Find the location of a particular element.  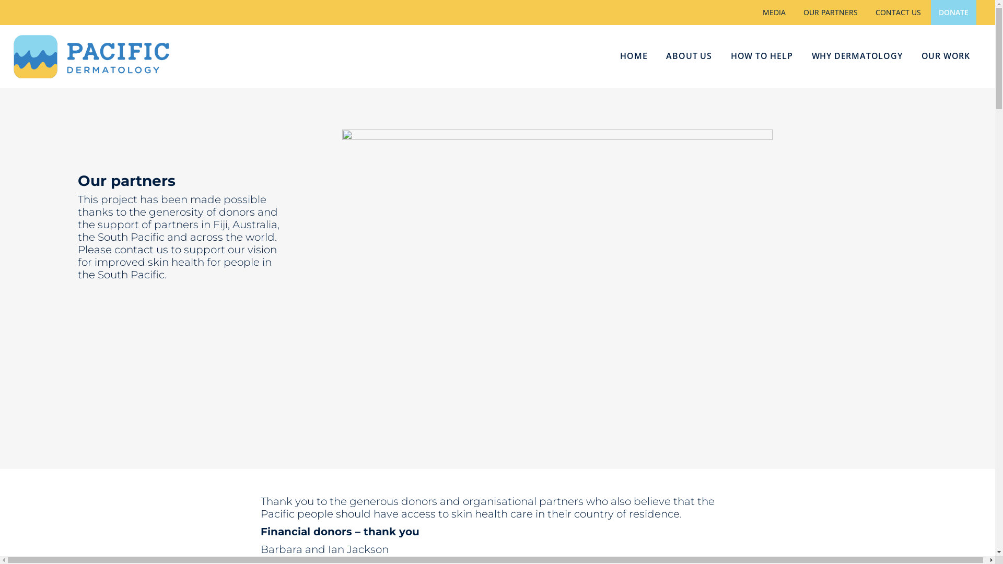

'DONATE' is located at coordinates (953, 12).